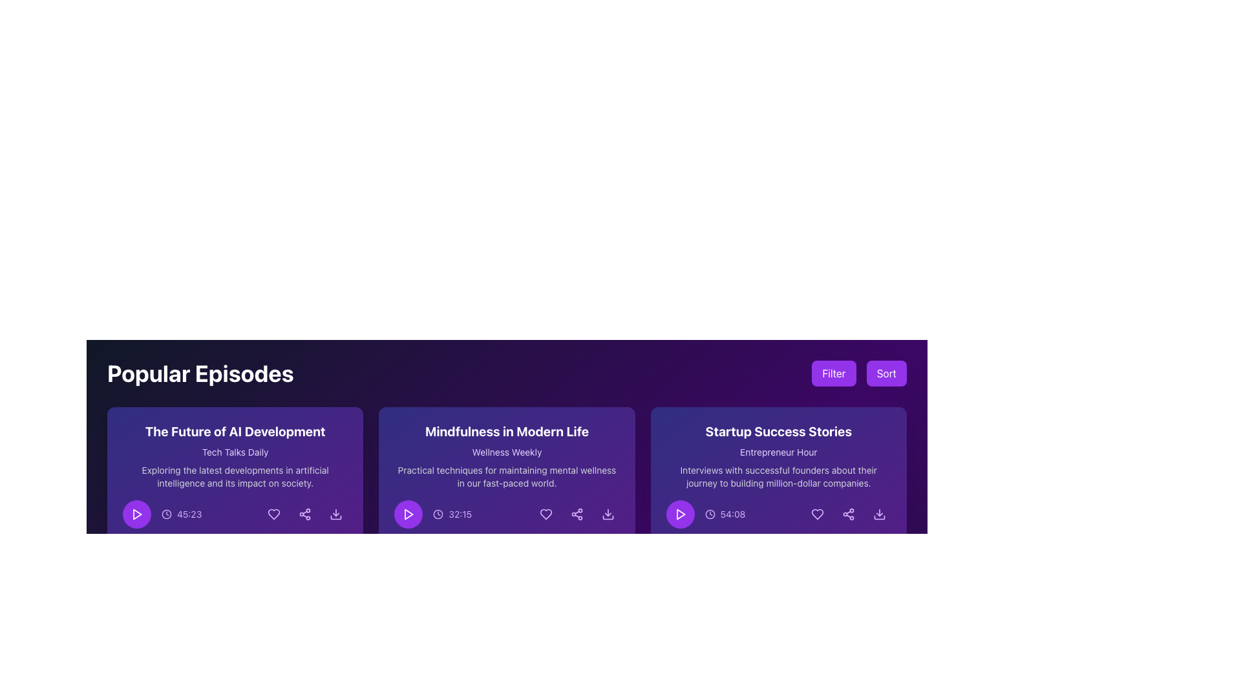  I want to click on the circular purple button with a white play symbol at the bottom-left corner of the 'Mindfulness in Modern Life' card to play the episode, so click(408, 513).